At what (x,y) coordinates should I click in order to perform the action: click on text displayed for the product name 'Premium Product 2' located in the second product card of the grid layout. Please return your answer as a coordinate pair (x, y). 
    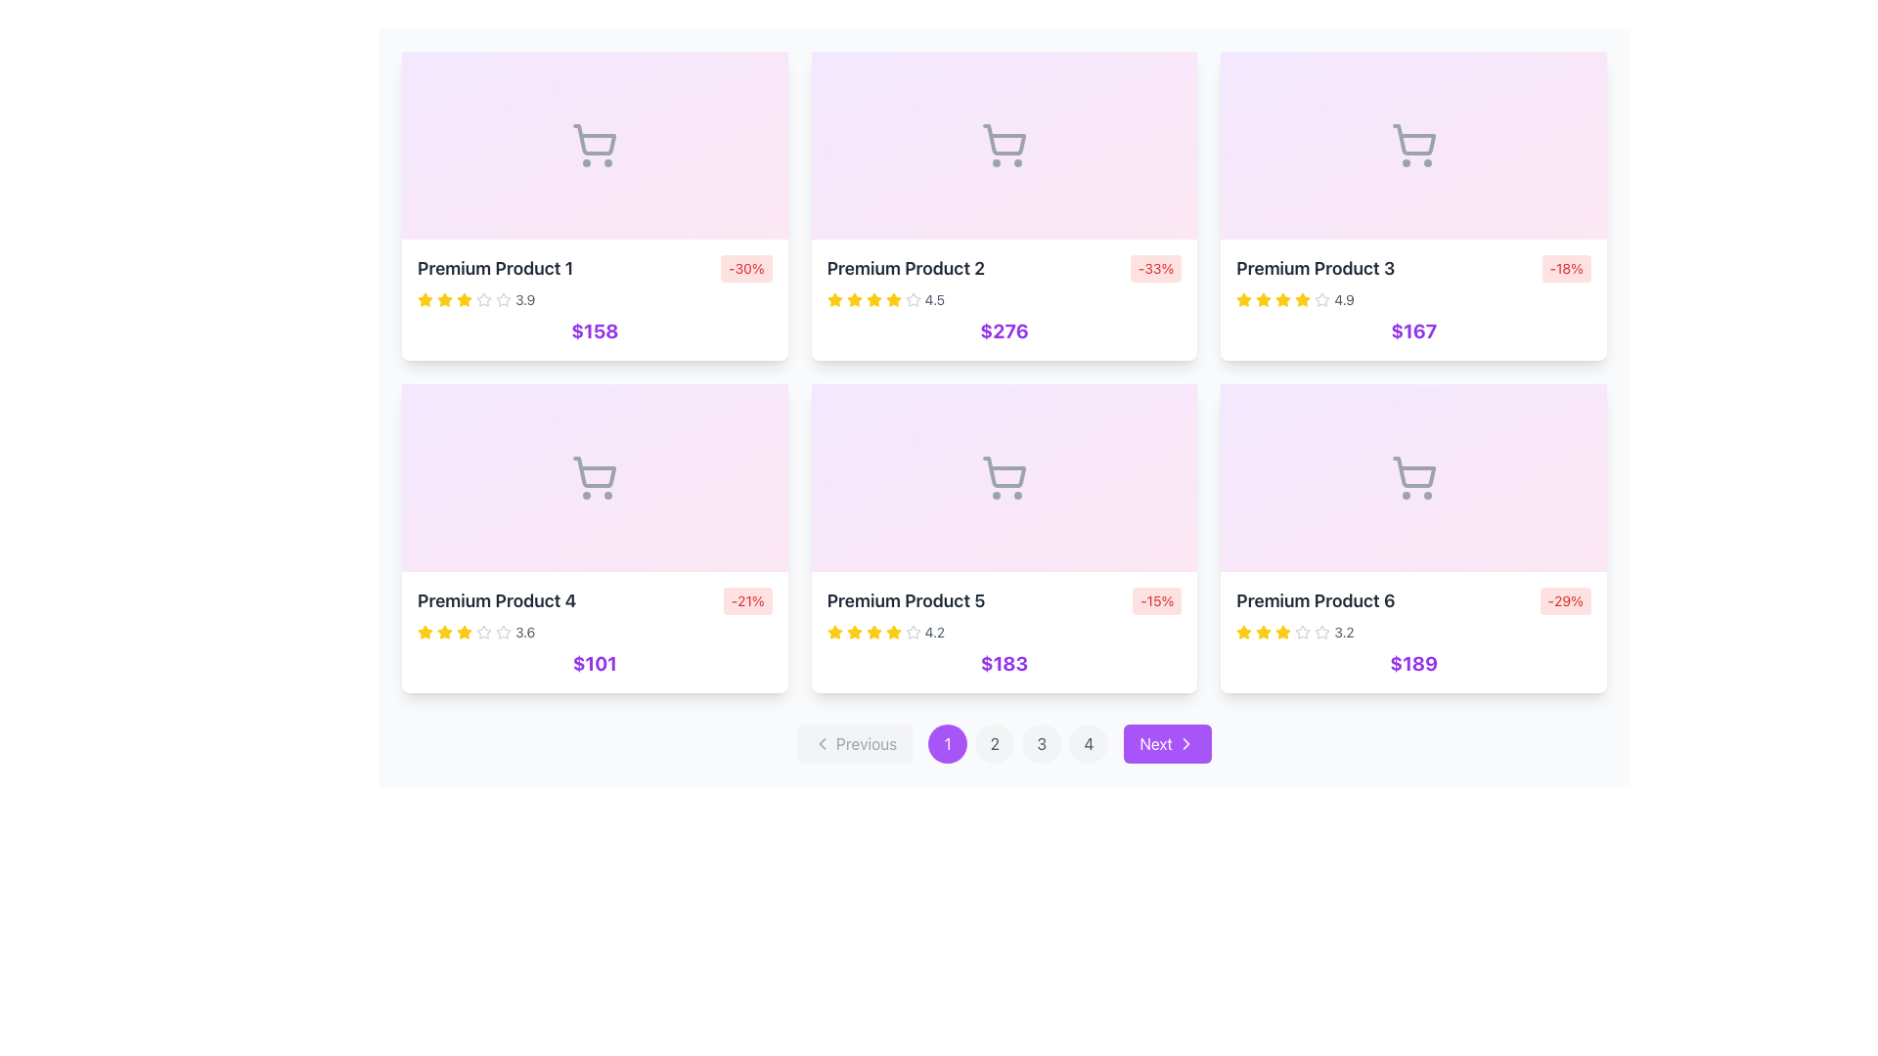
    Looking at the image, I should click on (905, 268).